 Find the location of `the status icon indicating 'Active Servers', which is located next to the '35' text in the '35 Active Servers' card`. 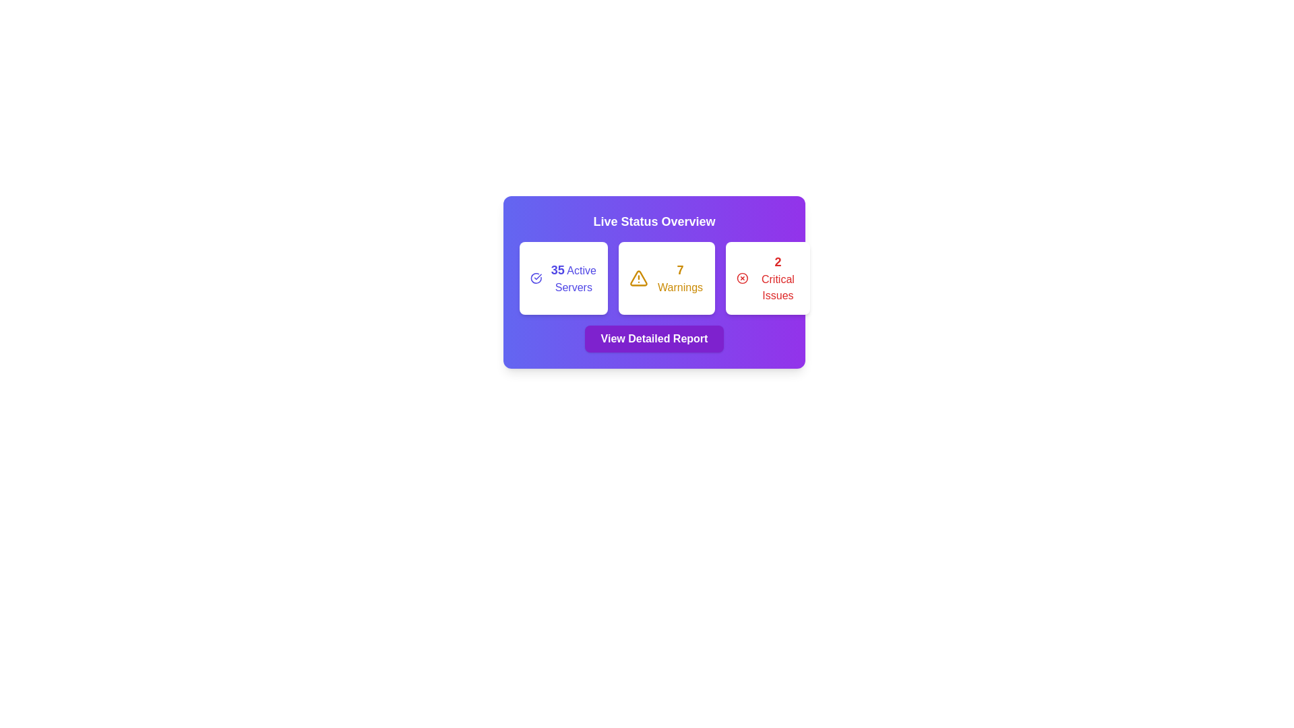

the status icon indicating 'Active Servers', which is located next to the '35' text in the '35 Active Servers' card is located at coordinates (535, 277).